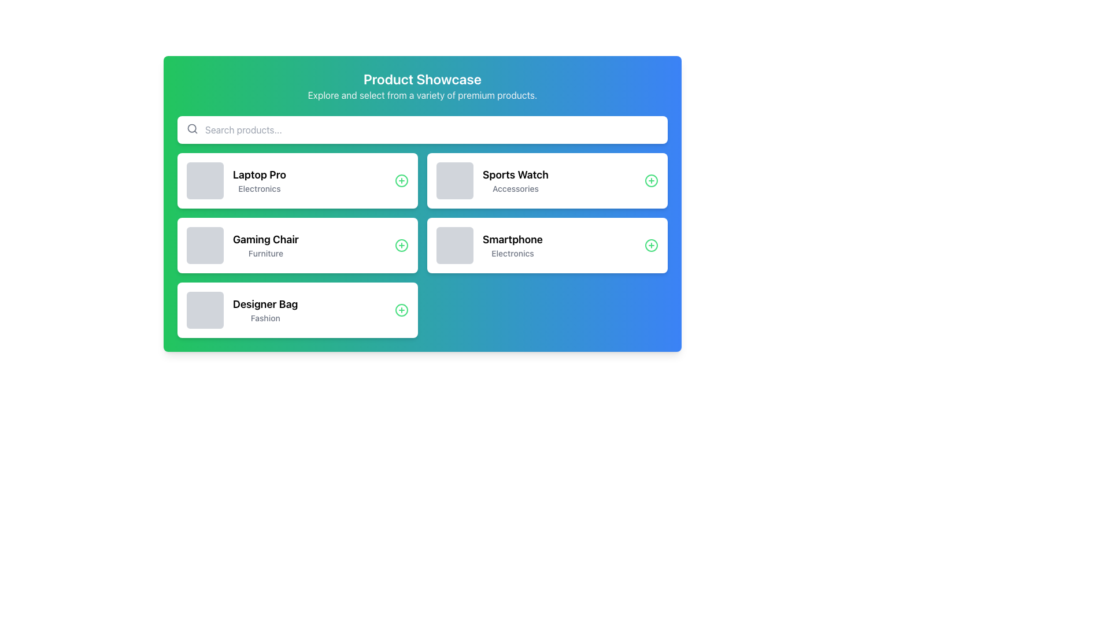  Describe the element at coordinates (421, 95) in the screenshot. I see `the text label that provides context or instructions, positioned below the title 'Product Showcase' and spanning horizontally across the top of the page` at that location.